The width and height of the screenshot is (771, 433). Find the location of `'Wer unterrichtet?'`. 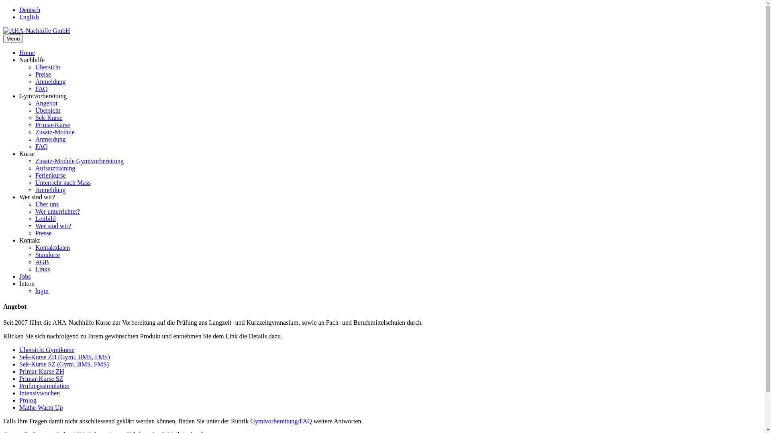

'Wer unterrichtet?' is located at coordinates (57, 211).